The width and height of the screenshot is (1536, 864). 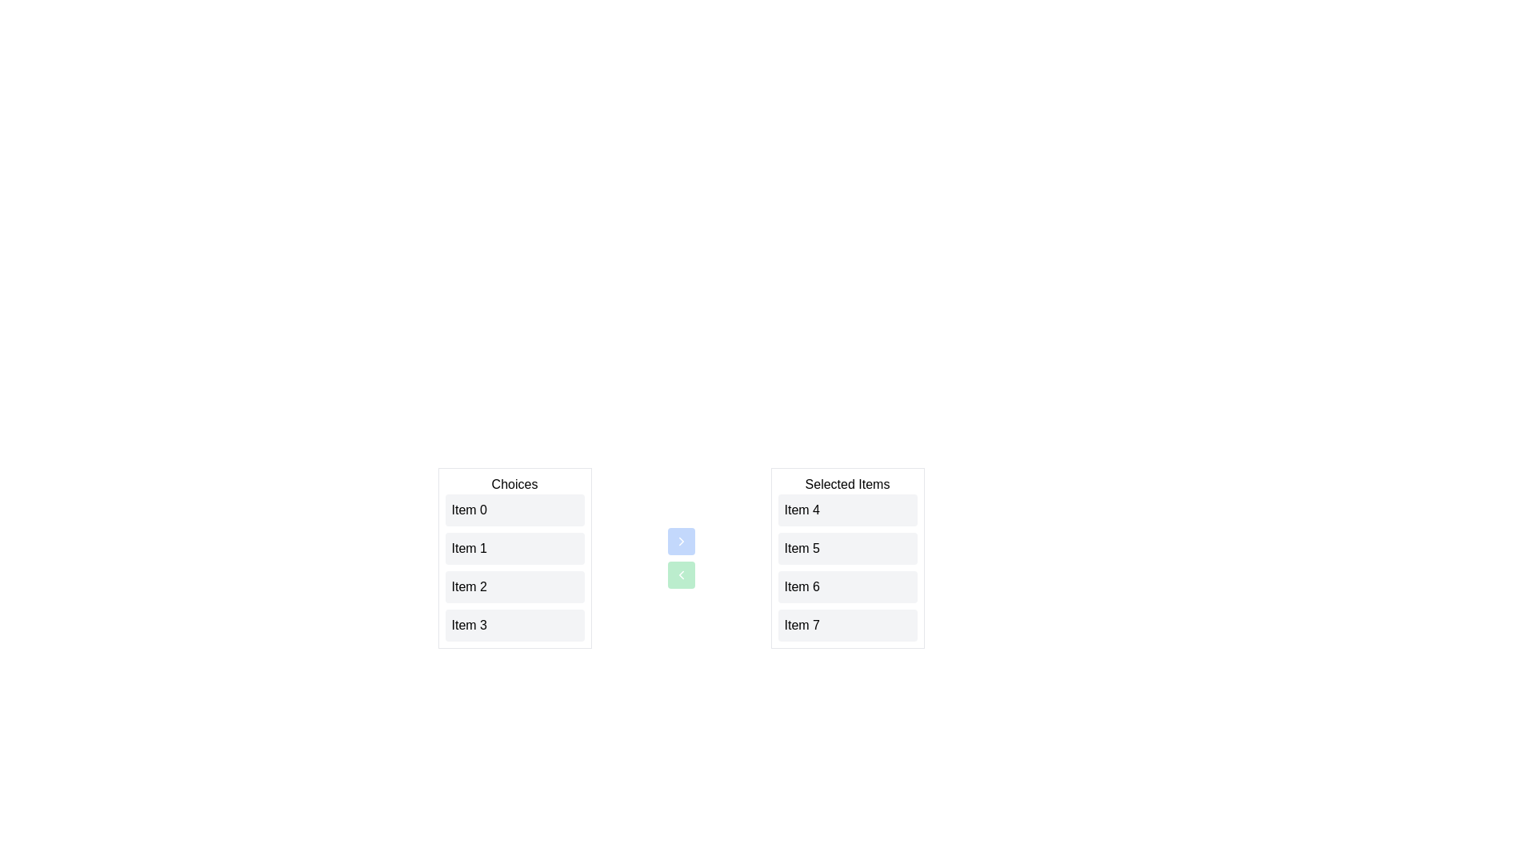 I want to click on the second list item in the 'Selected Items' group, so click(x=846, y=548).